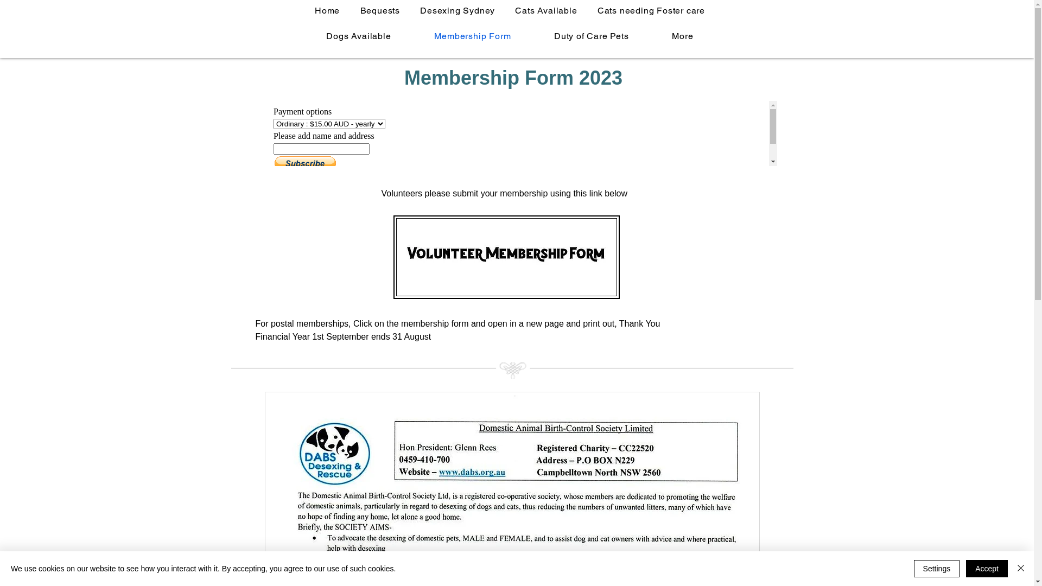 This screenshot has width=1042, height=586. Describe the element at coordinates (682, 35) in the screenshot. I see `'More'` at that location.